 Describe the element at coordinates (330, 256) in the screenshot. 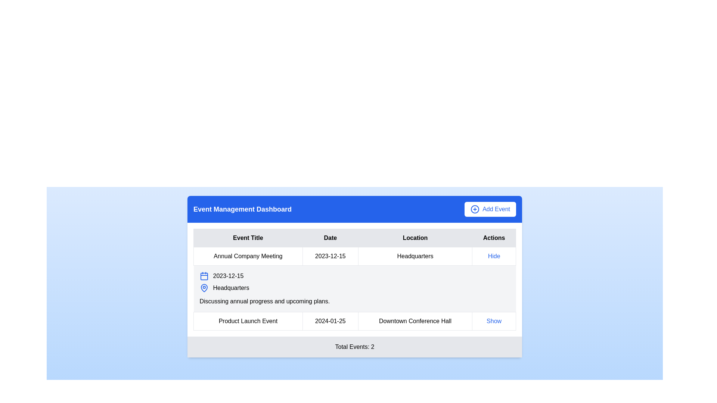

I see `the Text Label that displays the scheduled date of an event, located in the 'Date' column of a table, second from the left` at that location.